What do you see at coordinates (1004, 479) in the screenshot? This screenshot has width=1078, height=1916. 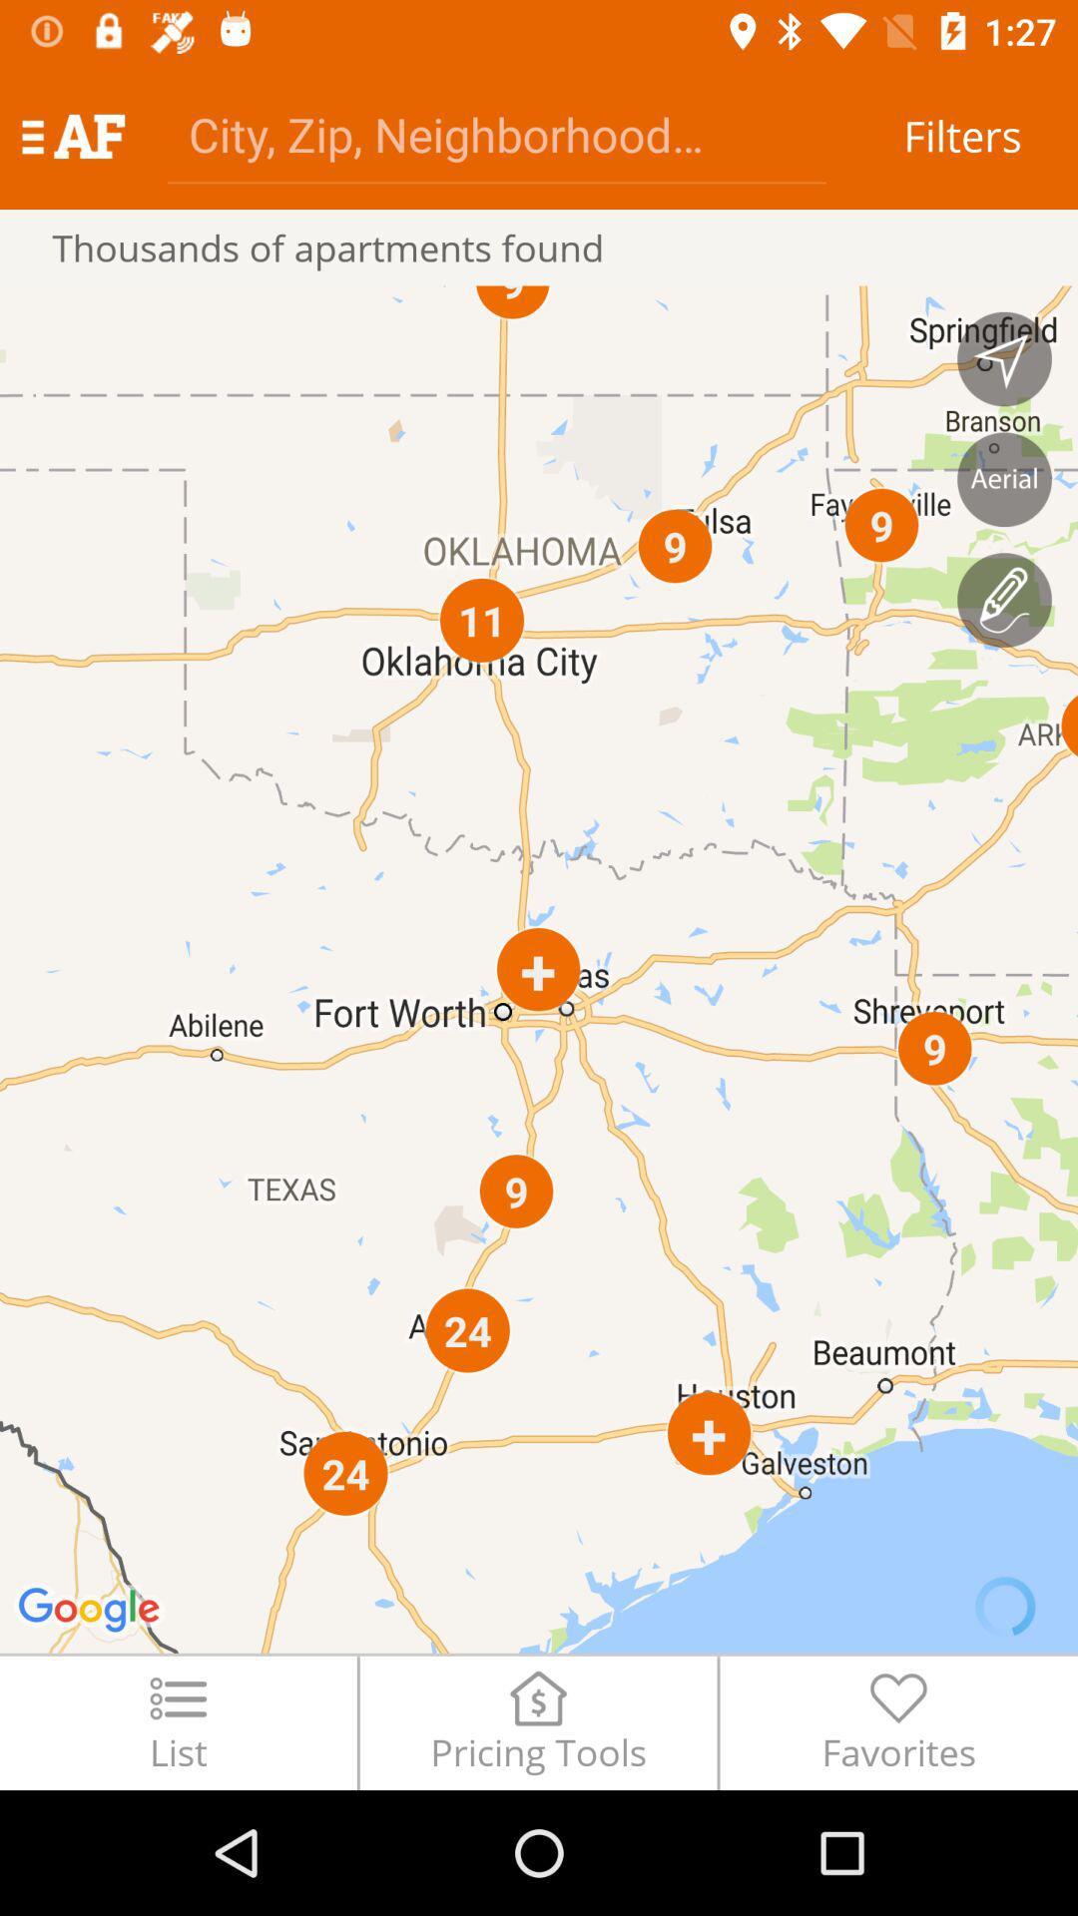 I see `place` at bounding box center [1004, 479].